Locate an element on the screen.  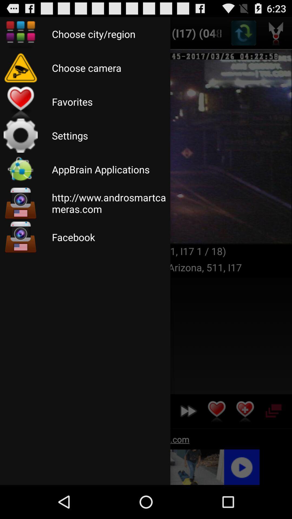
the symbol left to choose camera is located at coordinates (21, 67).